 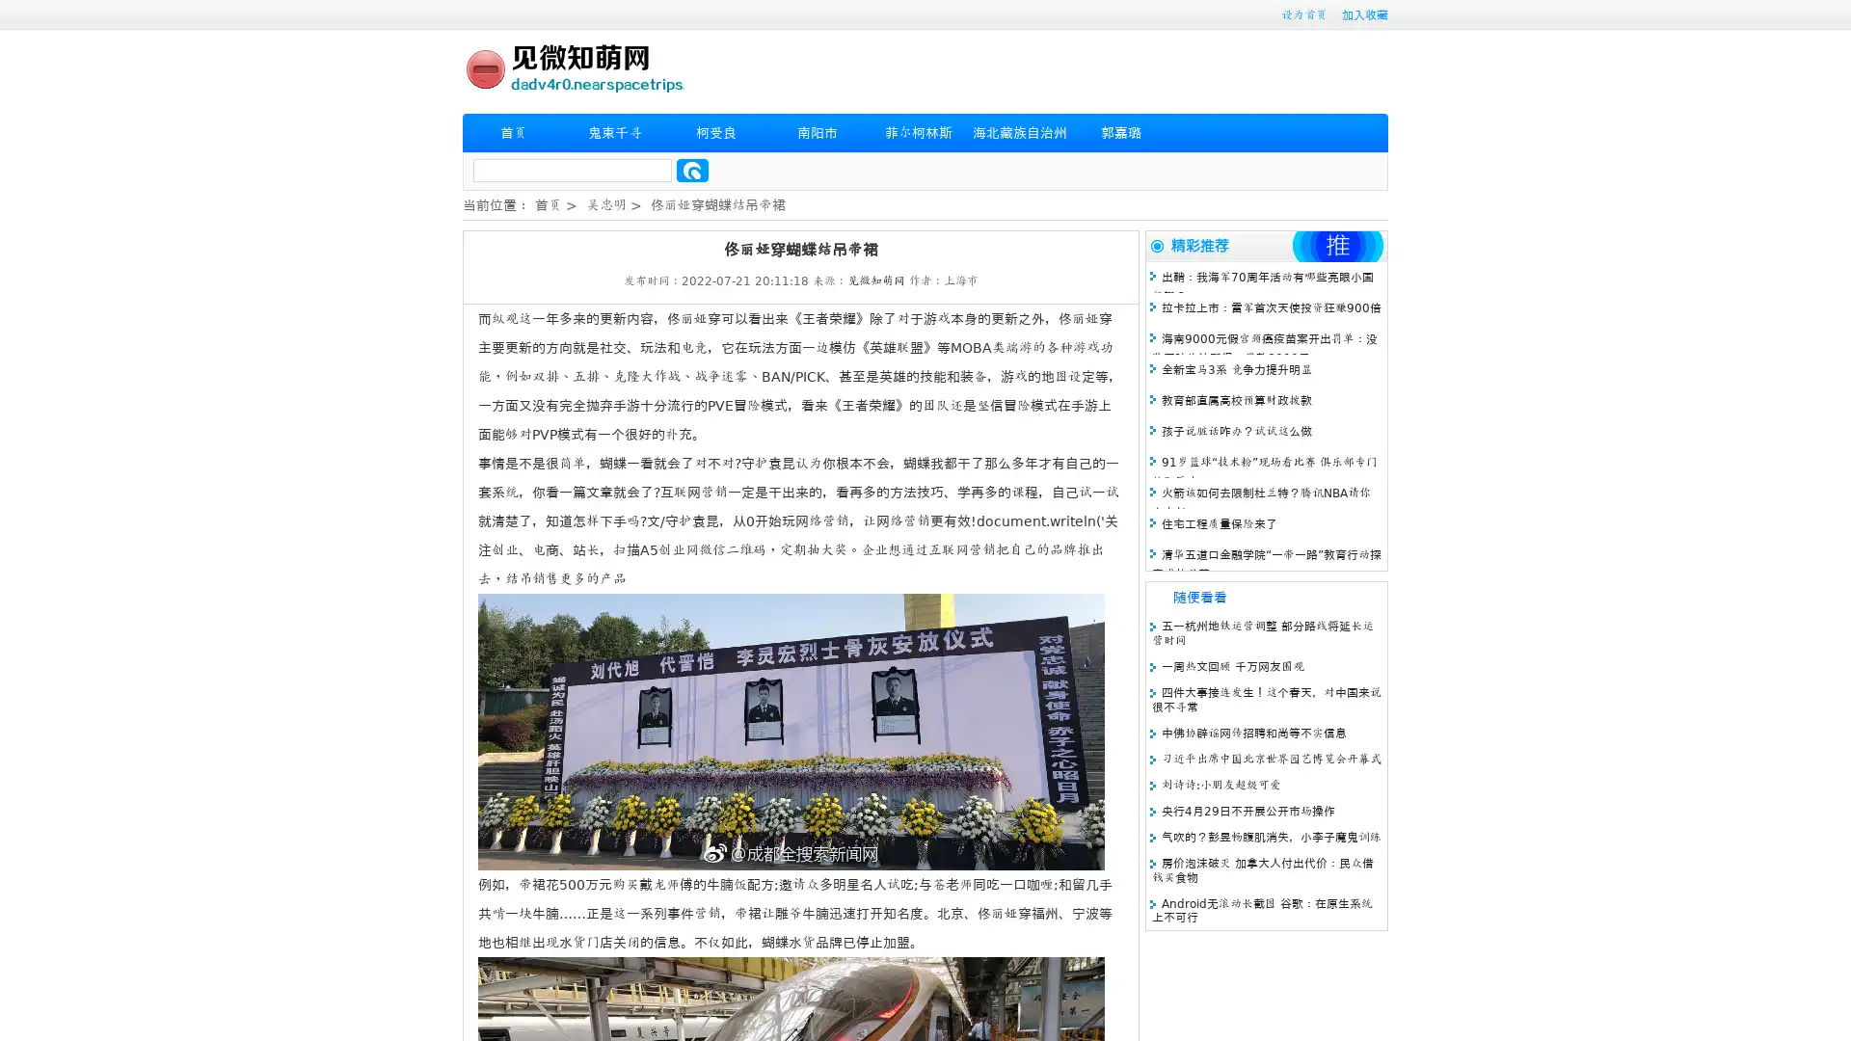 I want to click on Search, so click(x=692, y=170).